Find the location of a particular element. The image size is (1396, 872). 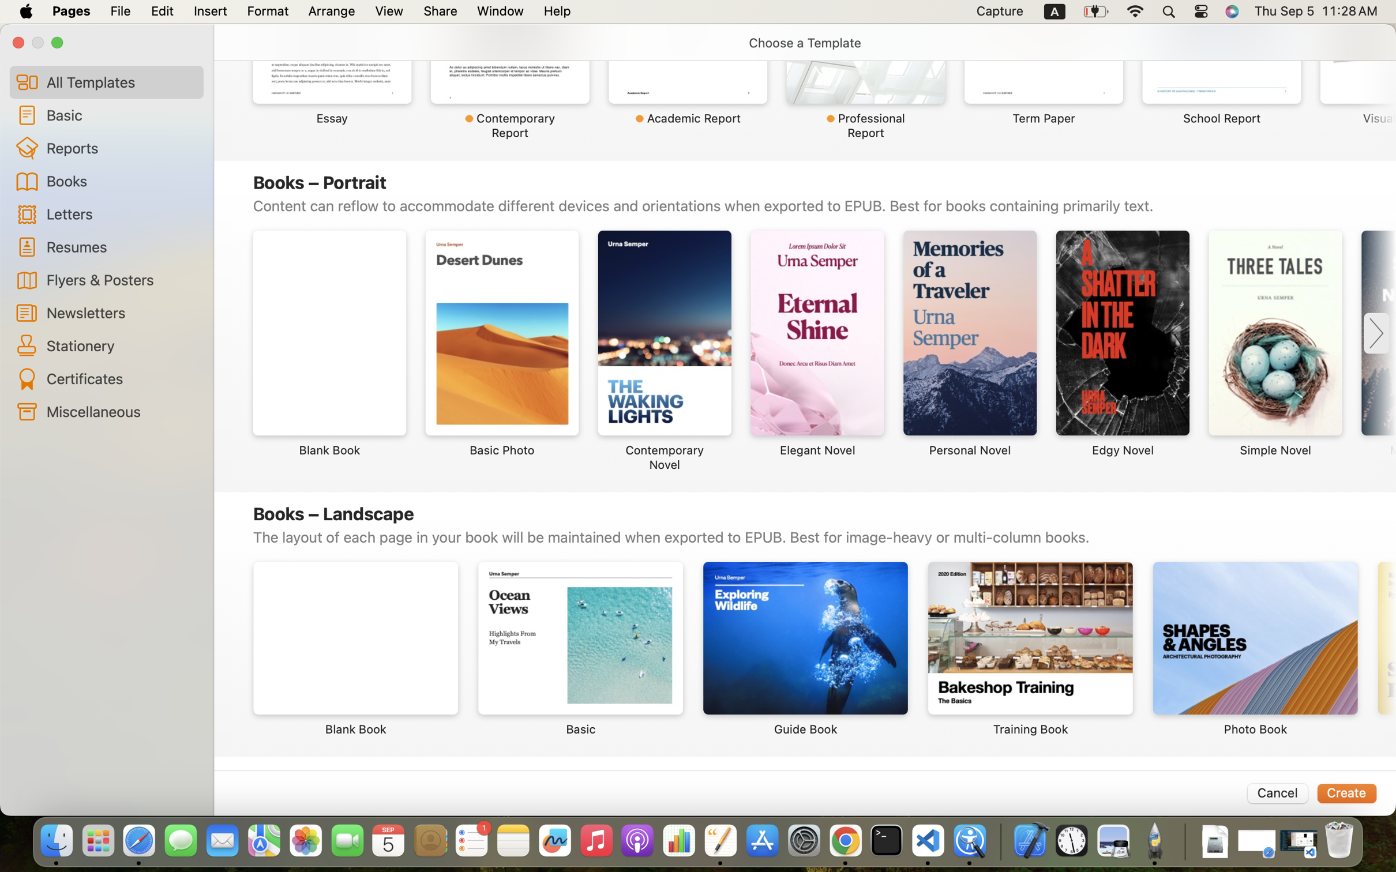

'Reports' is located at coordinates (120, 147).